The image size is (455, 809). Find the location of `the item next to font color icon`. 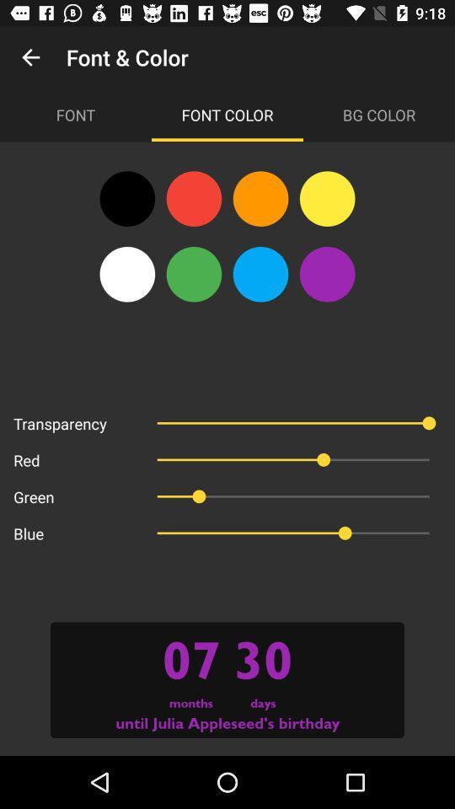

the item next to font color icon is located at coordinates (378, 114).